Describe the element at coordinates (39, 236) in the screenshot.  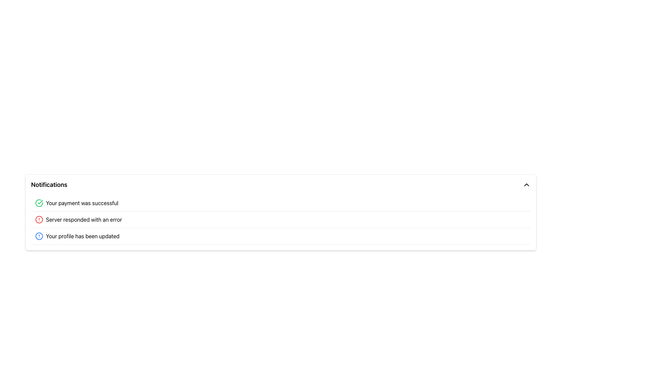
I see `the circular notification icon with a blue outline that is positioned to the immediate left of the text 'Your profile has been updated' in the third notification entry` at that location.